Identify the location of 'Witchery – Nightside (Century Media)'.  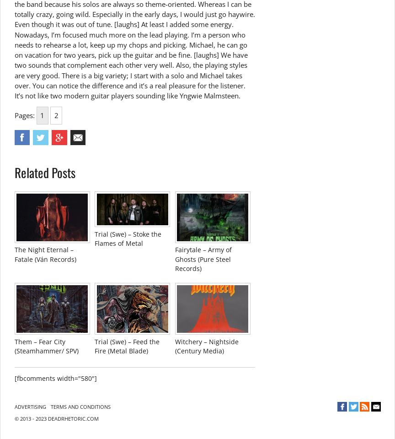
(206, 346).